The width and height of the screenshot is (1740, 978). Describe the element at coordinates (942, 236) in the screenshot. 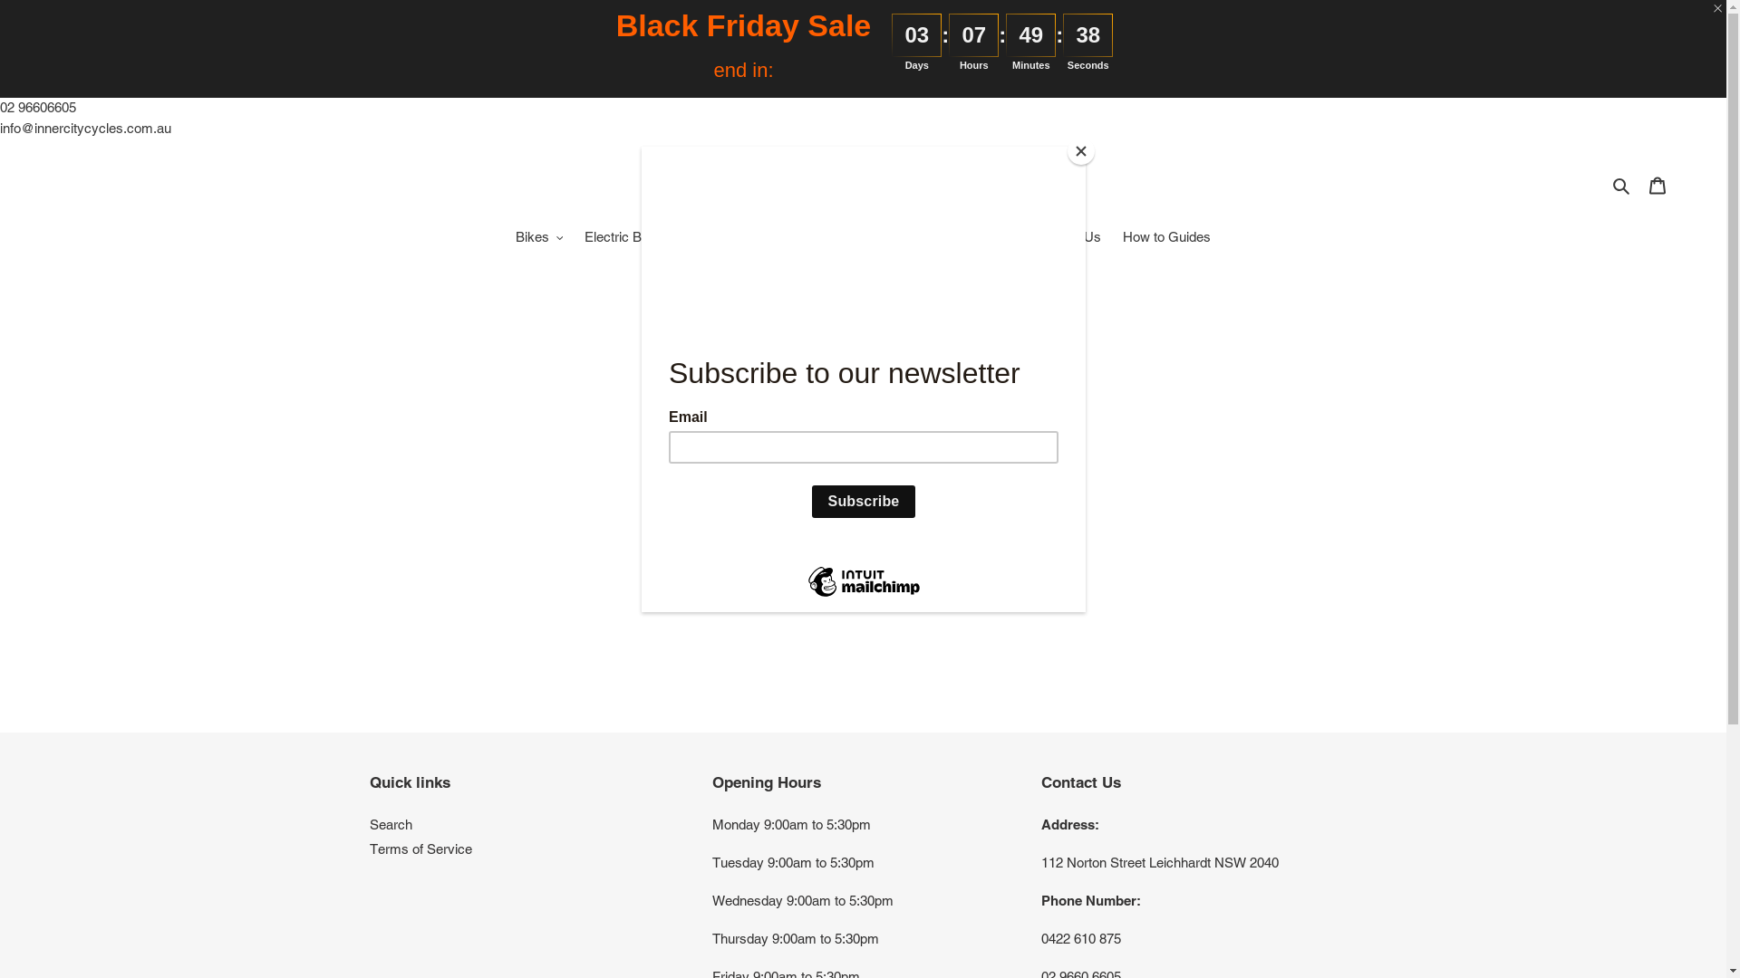

I see `'Workshop'` at that location.